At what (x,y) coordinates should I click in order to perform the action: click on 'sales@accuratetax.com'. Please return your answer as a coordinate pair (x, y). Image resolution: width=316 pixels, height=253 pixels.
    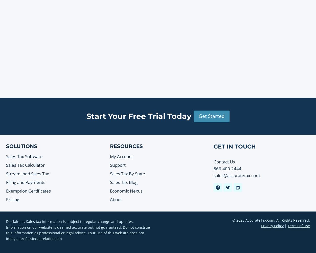
    Looking at the image, I should click on (237, 175).